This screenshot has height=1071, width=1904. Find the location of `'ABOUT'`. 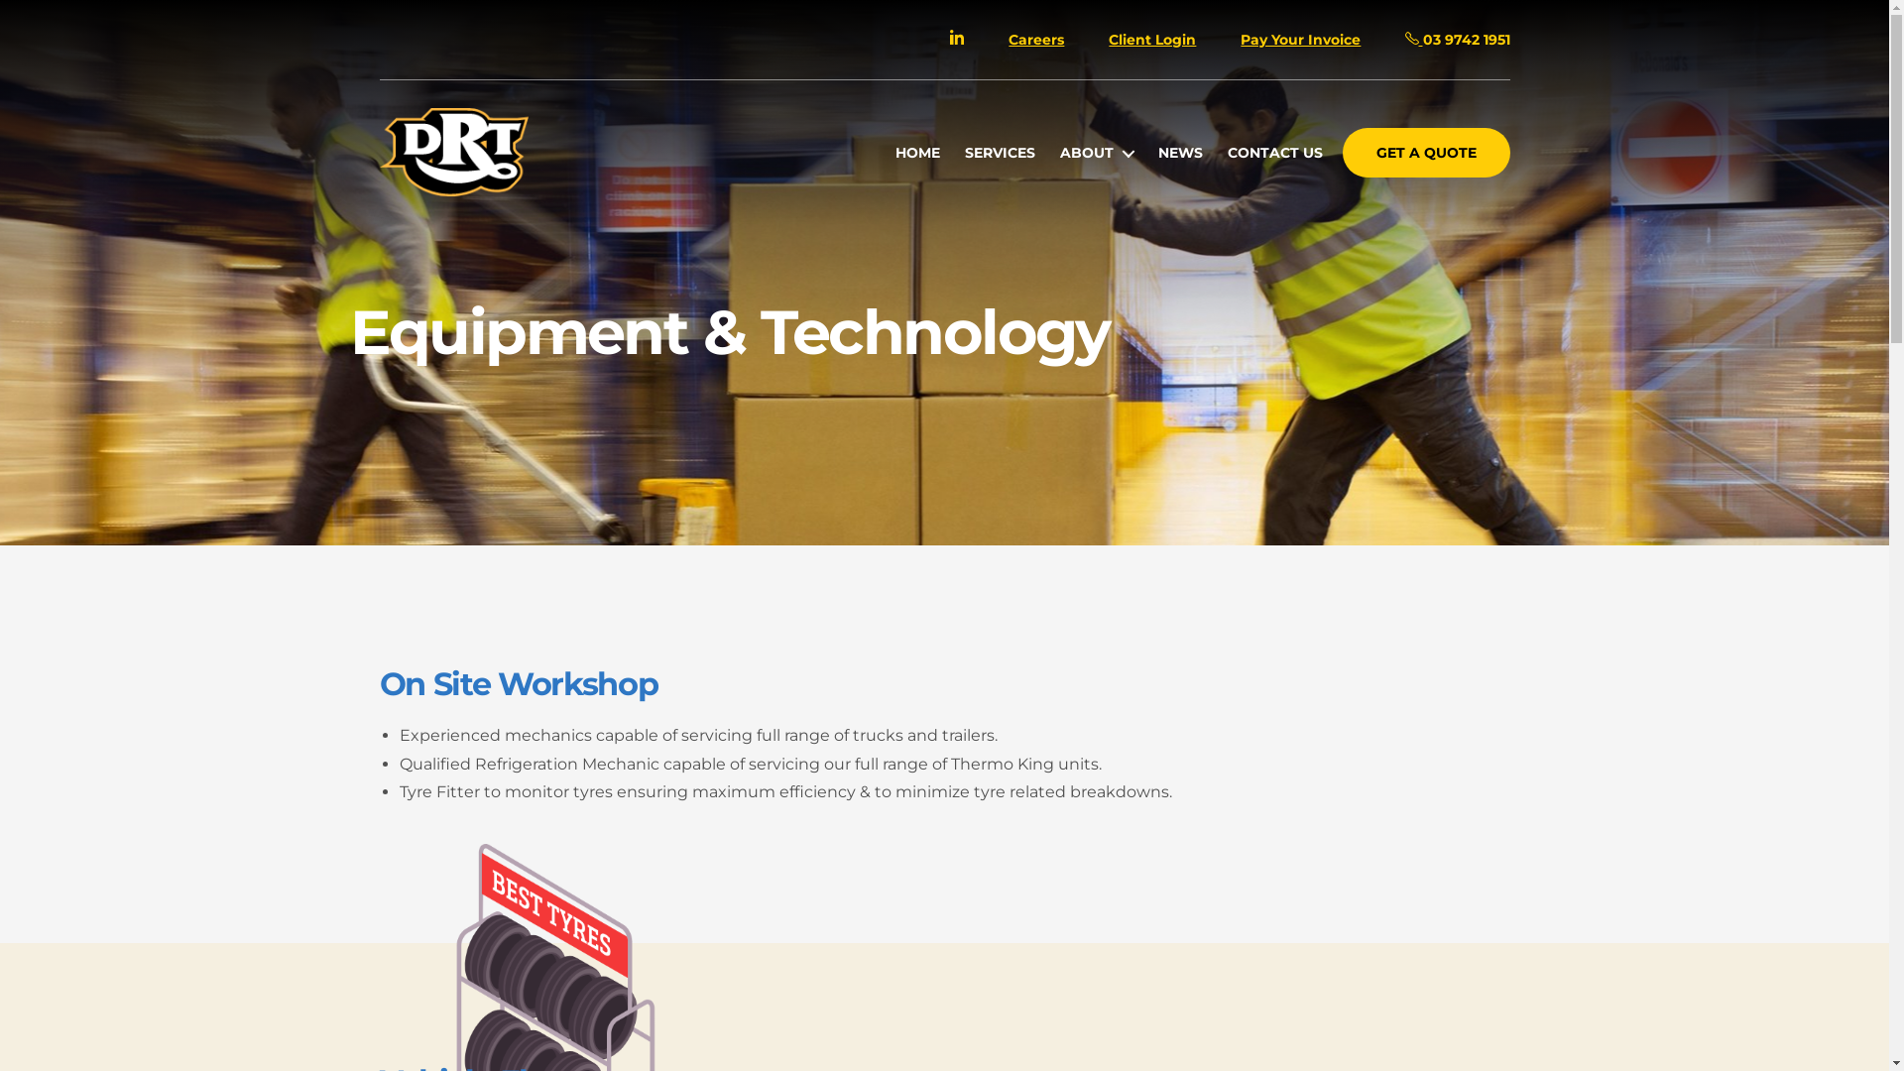

'ABOUT' is located at coordinates (1095, 152).